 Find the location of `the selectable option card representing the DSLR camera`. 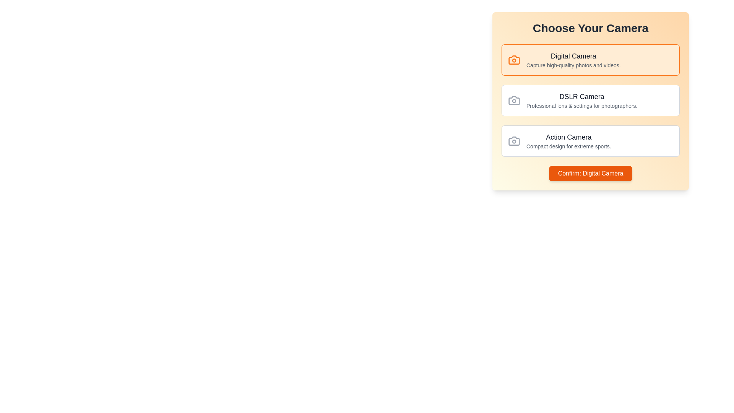

the selectable option card representing the DSLR camera is located at coordinates (590, 100).